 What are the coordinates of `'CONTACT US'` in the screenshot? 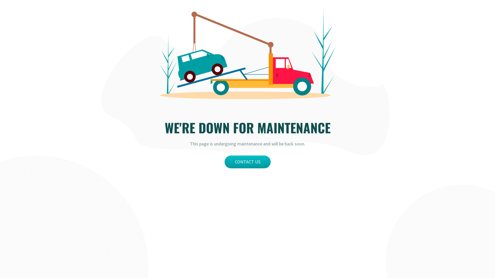 It's located at (224, 161).